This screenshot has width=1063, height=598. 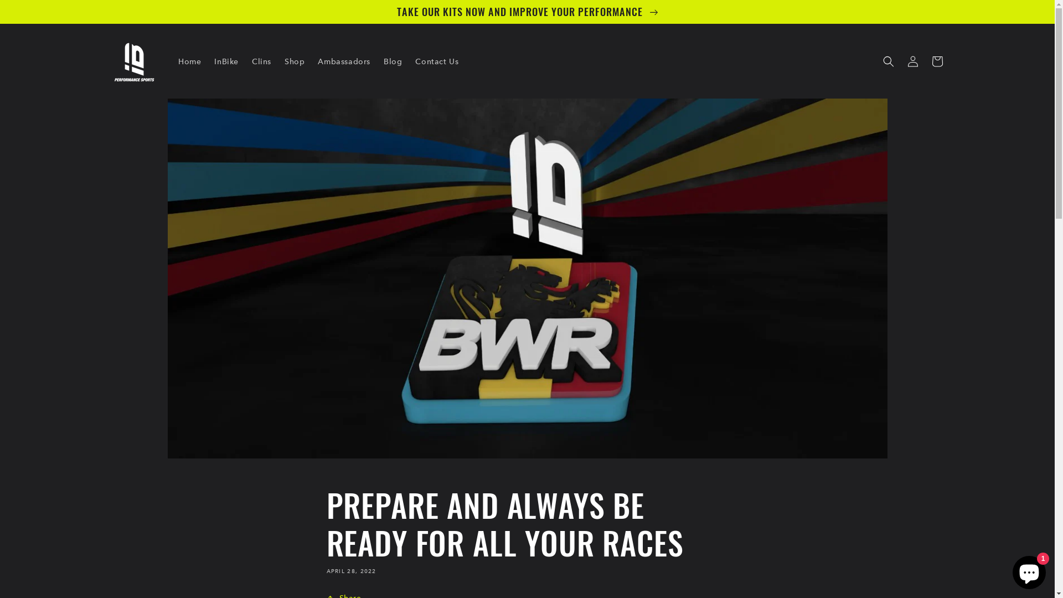 What do you see at coordinates (244, 61) in the screenshot?
I see `'Clins'` at bounding box center [244, 61].